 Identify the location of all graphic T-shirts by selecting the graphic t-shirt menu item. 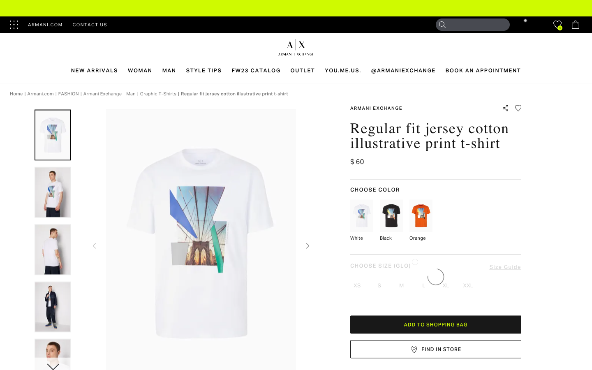
(158, 93).